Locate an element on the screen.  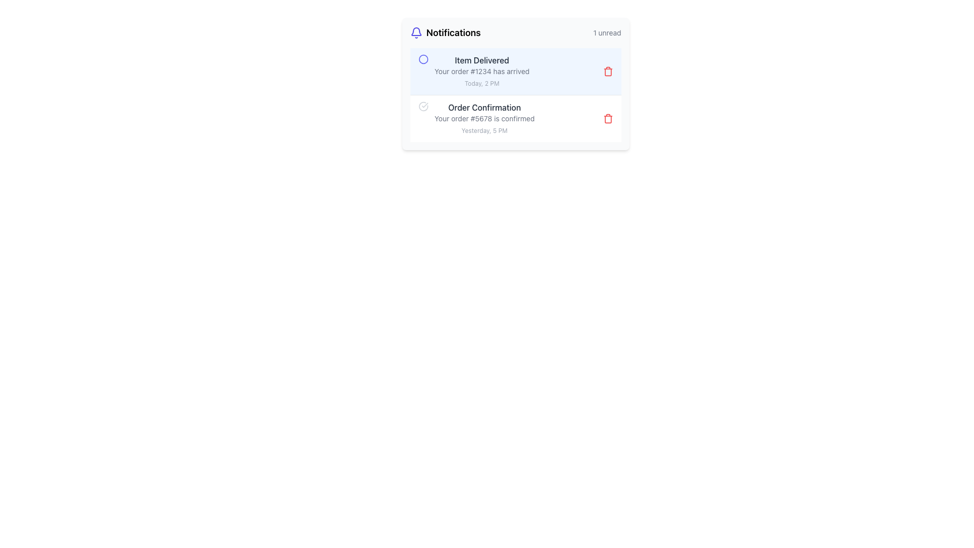
the 'Notifications' text label, which is styled in bold and large font, located immediately to the right of a bell icon in the top-left section of the interface is located at coordinates (453, 32).